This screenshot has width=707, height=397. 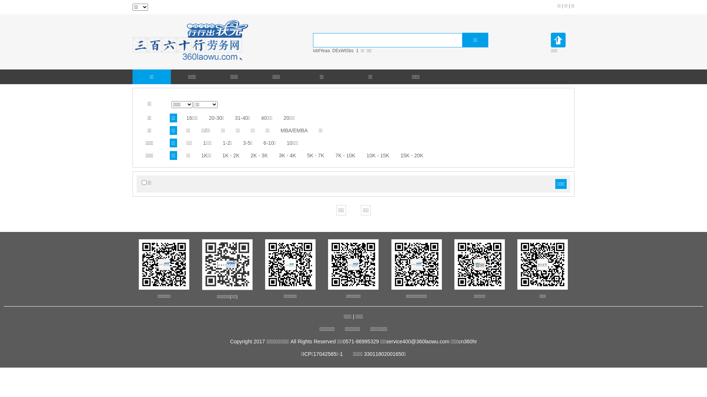 What do you see at coordinates (378, 155) in the screenshot?
I see `'10K - 15K'` at bounding box center [378, 155].